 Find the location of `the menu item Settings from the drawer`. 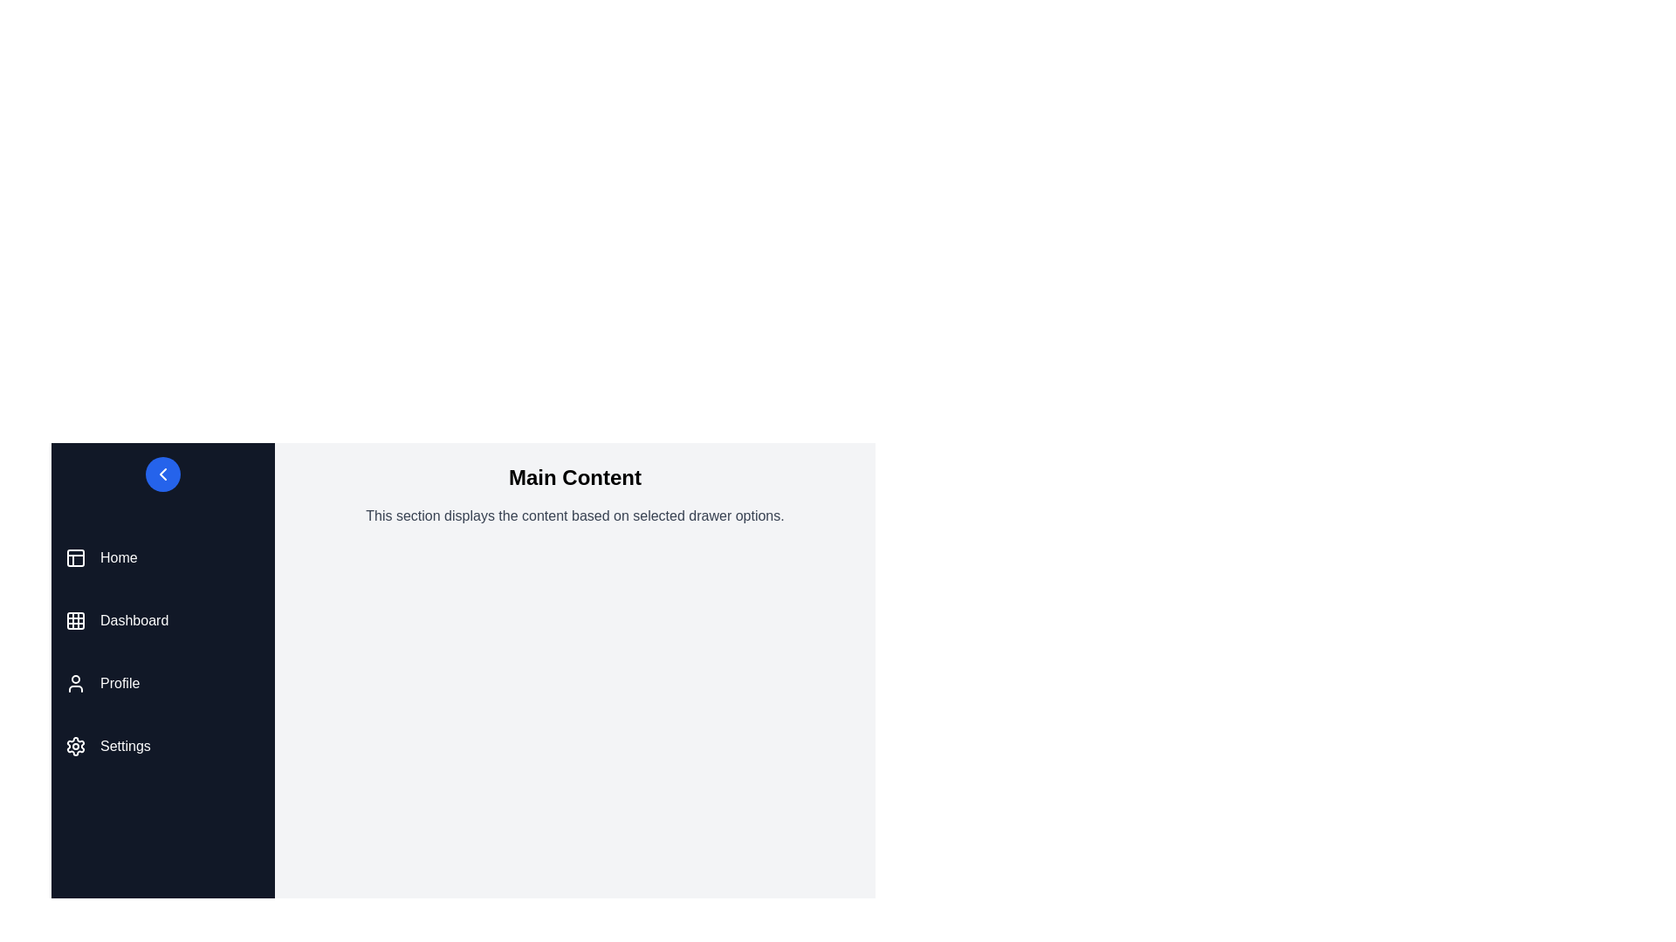

the menu item Settings from the drawer is located at coordinates (163, 746).